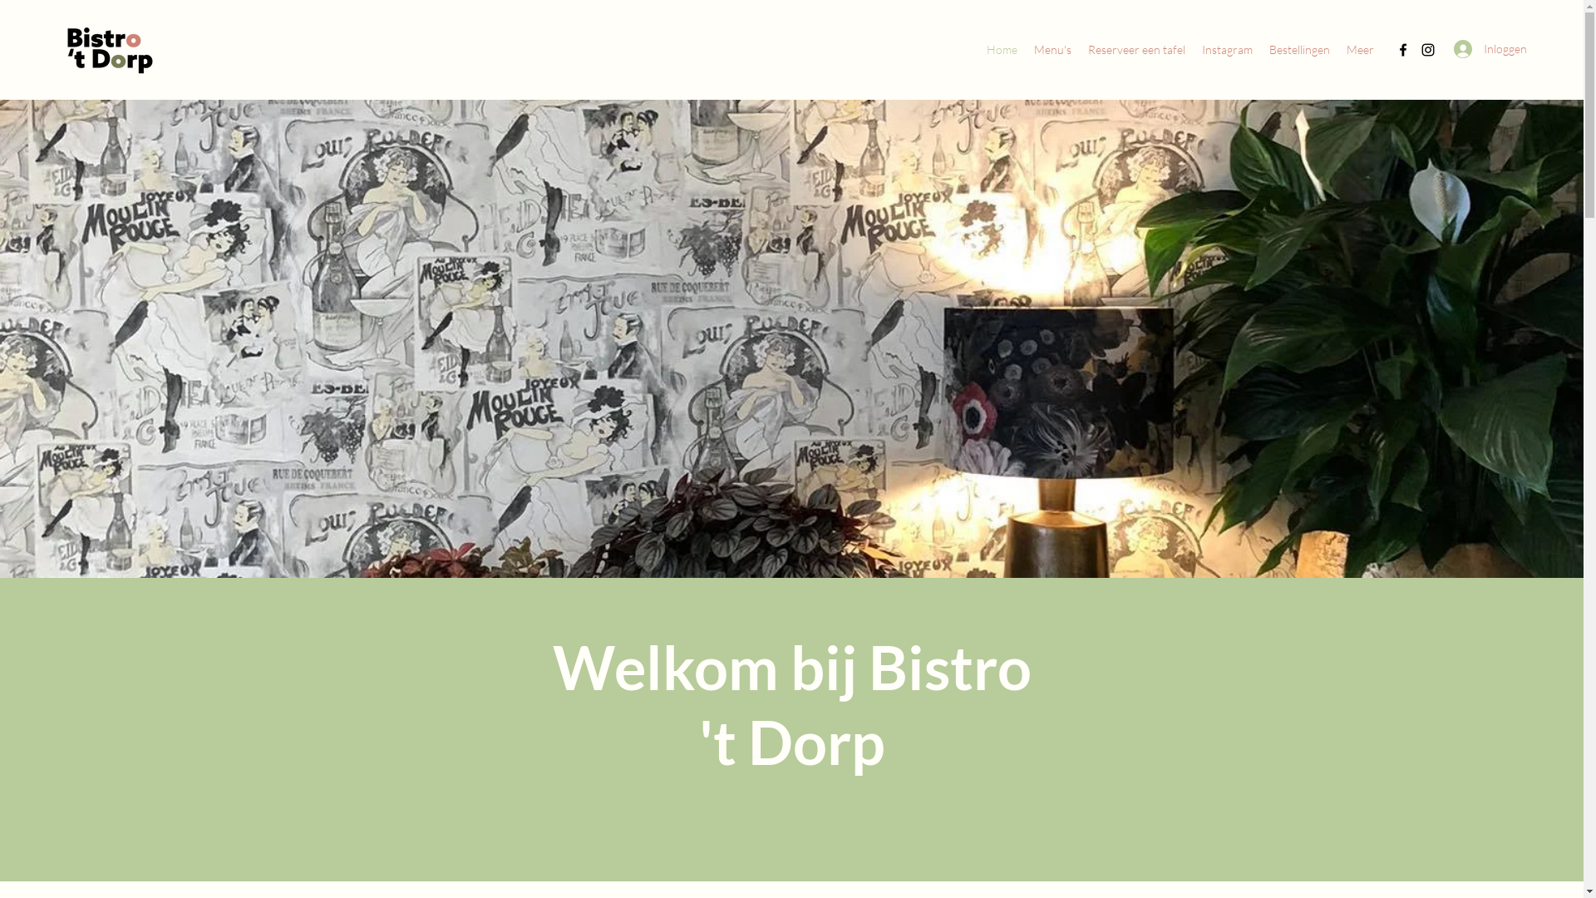  I want to click on 'Inloggen', so click(1480, 47).